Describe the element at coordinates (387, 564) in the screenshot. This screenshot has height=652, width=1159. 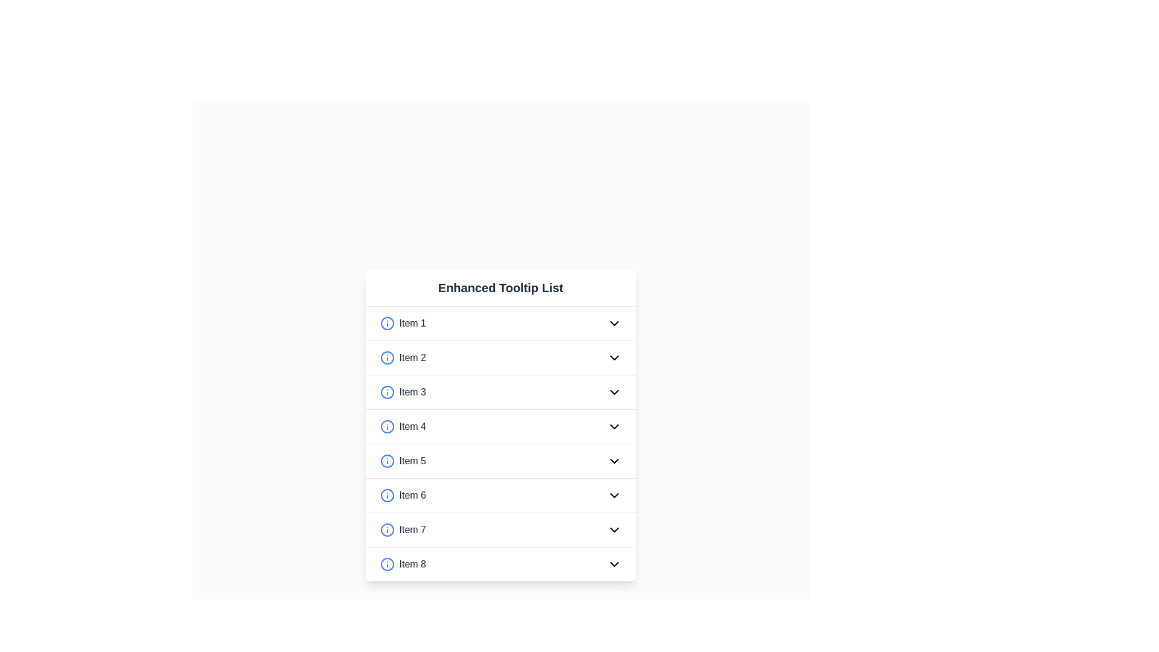
I see `the Informational icon, which is a circular component with a blue border and a white center, located next to the 'Item 8' label in the 'Enhanced Tooltip List'` at that location.